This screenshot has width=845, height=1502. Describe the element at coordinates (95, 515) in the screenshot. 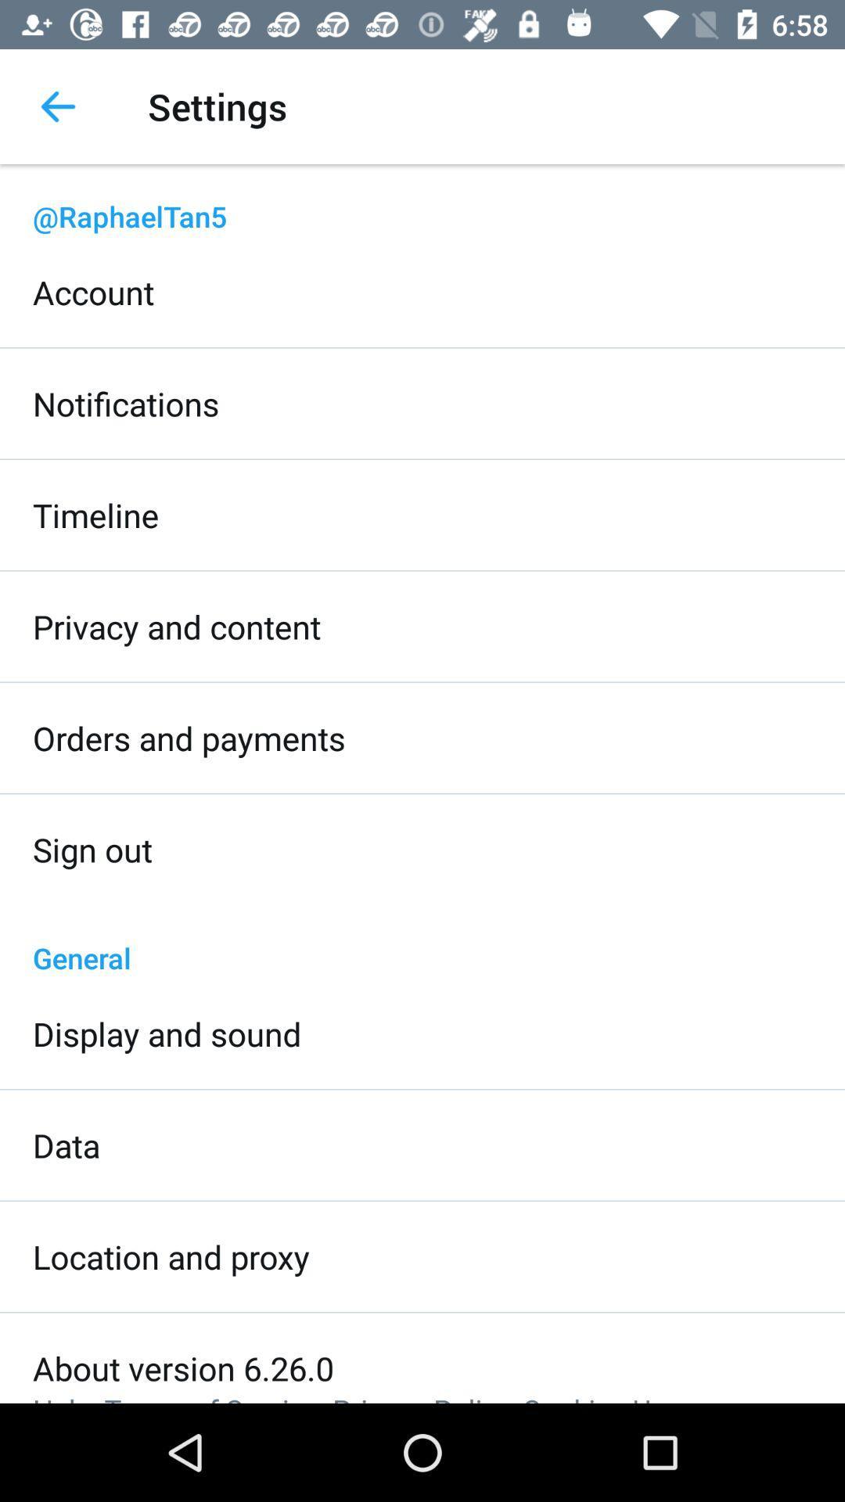

I see `the timeline` at that location.